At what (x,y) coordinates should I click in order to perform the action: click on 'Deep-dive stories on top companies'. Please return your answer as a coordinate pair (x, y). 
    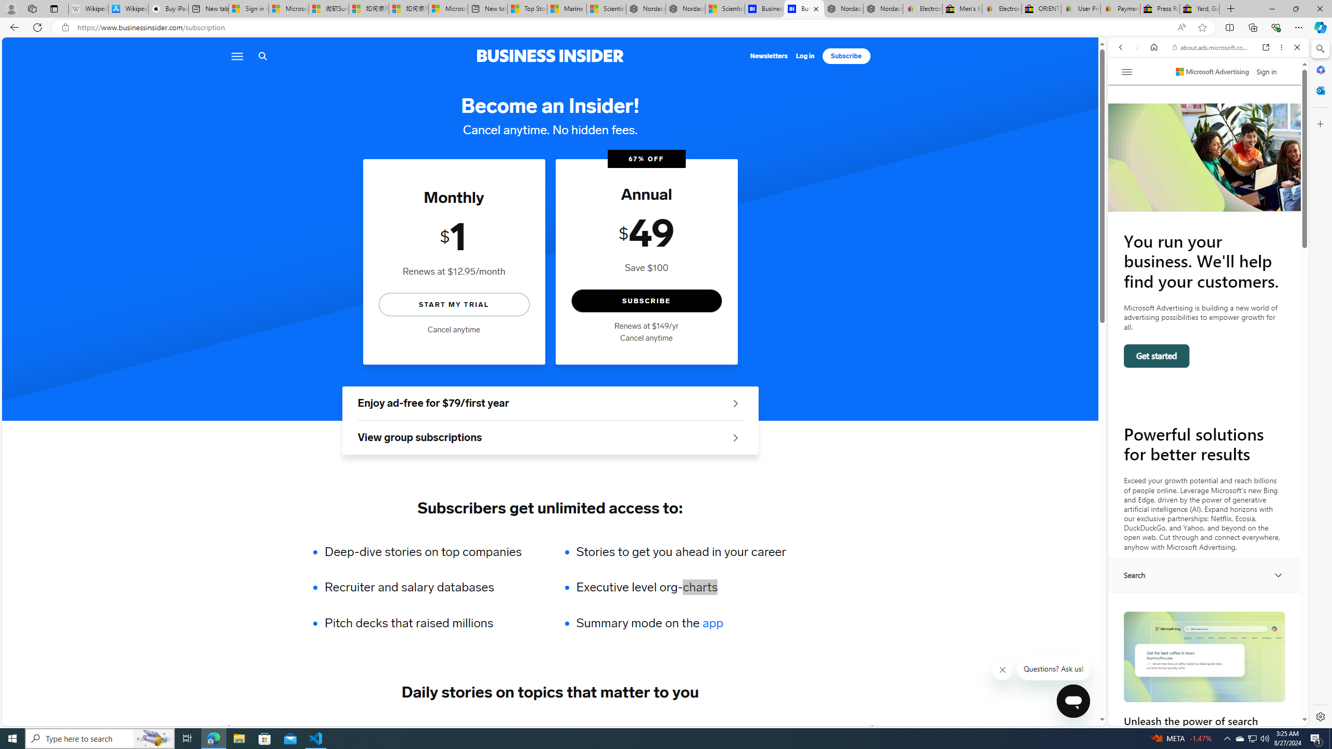
    Looking at the image, I should click on (430, 551).